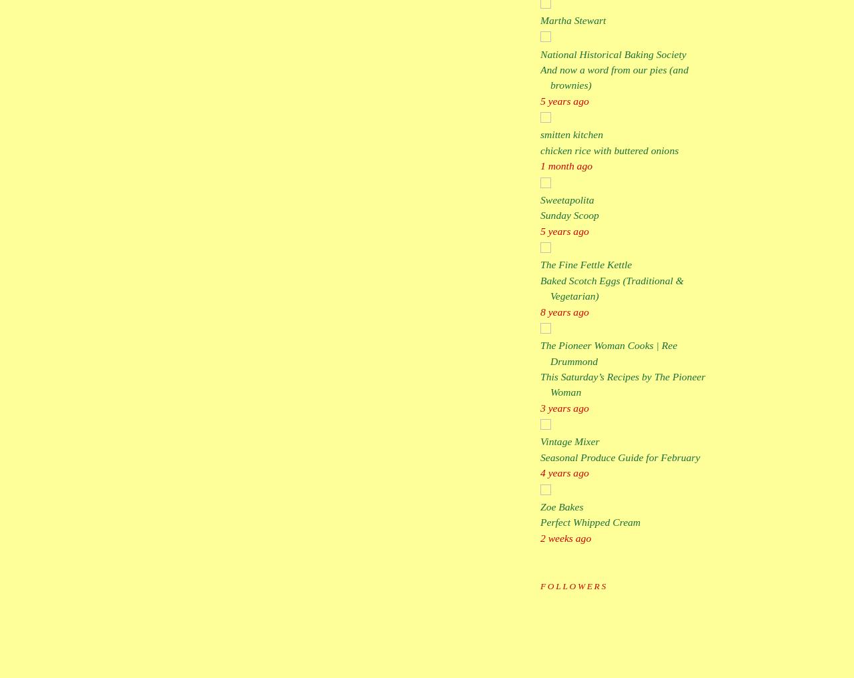  What do you see at coordinates (608, 149) in the screenshot?
I see `'chicken rice with buttered onions'` at bounding box center [608, 149].